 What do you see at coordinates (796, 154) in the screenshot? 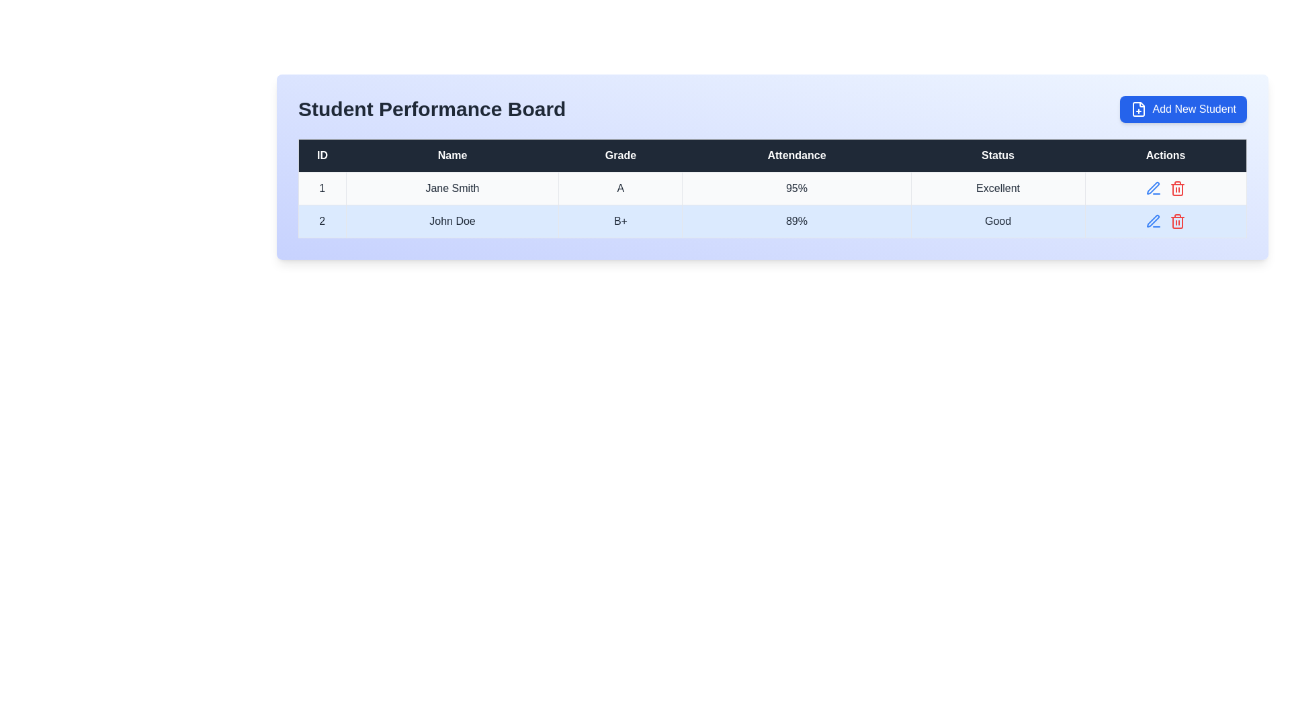
I see `the 'Attendance' text label, which is the fourth element in the horizontal header, displayed in white font over a dark background` at bounding box center [796, 154].